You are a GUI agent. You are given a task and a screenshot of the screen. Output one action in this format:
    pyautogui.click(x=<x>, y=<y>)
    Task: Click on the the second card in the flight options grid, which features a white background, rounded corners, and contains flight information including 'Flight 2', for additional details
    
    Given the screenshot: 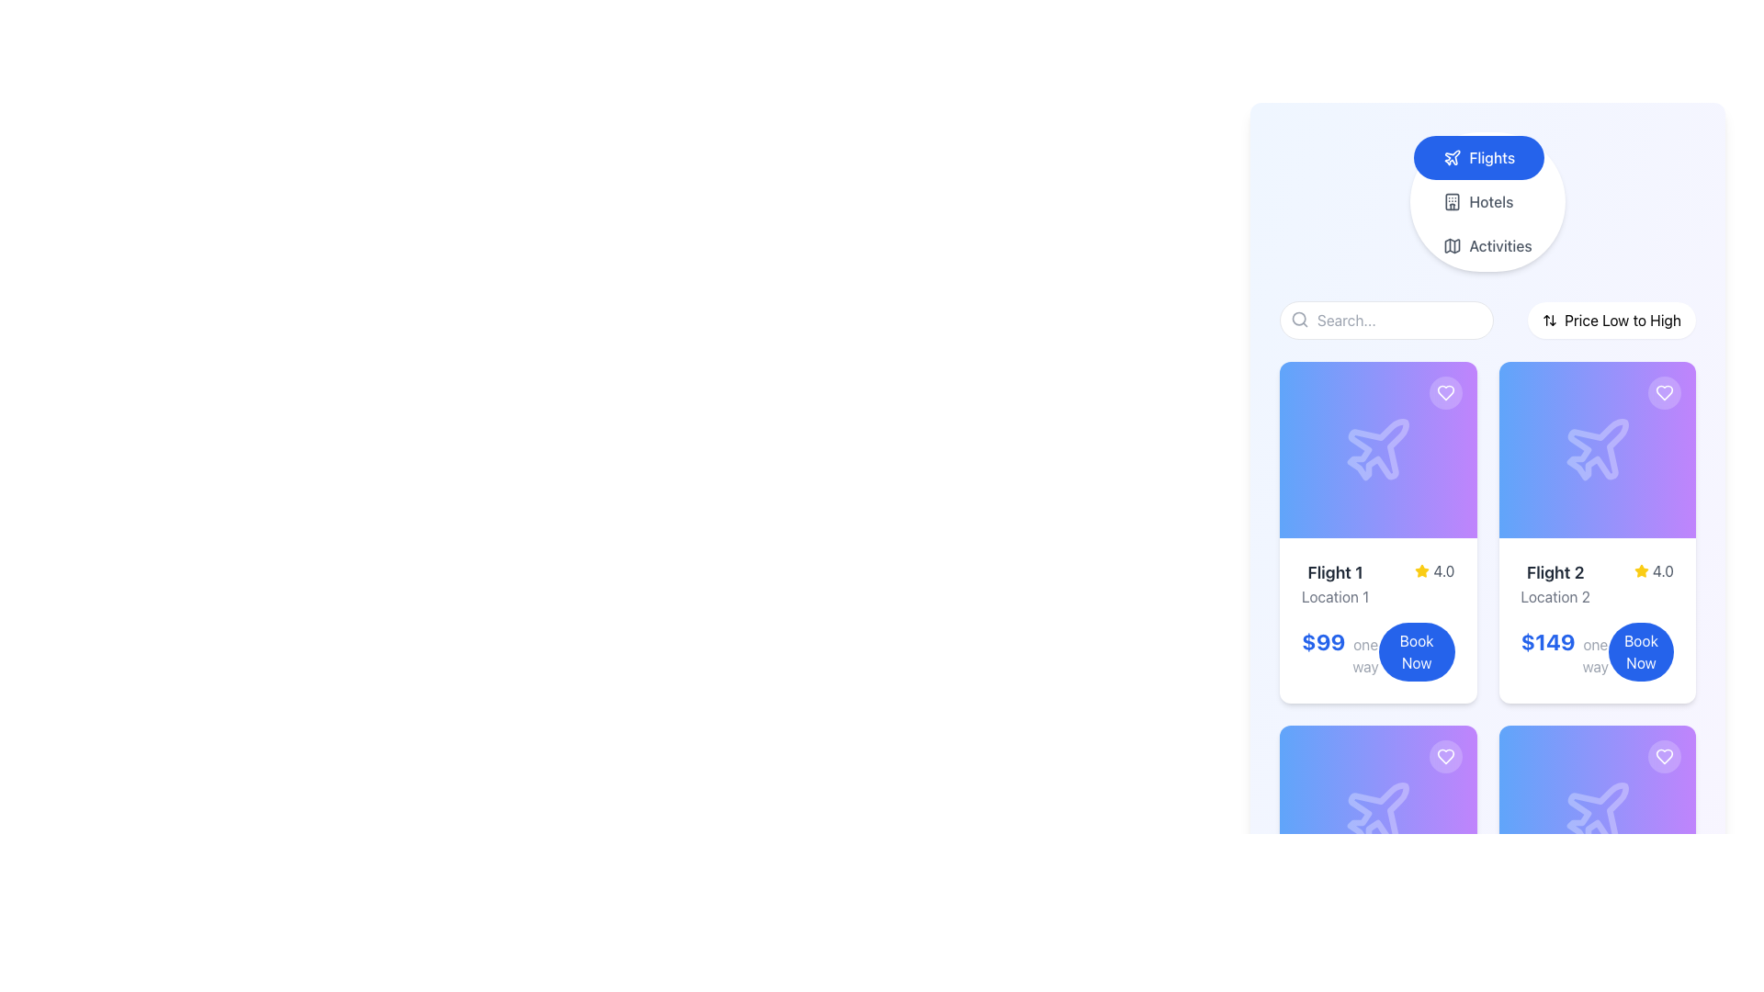 What is the action you would take?
    pyautogui.click(x=1596, y=532)
    